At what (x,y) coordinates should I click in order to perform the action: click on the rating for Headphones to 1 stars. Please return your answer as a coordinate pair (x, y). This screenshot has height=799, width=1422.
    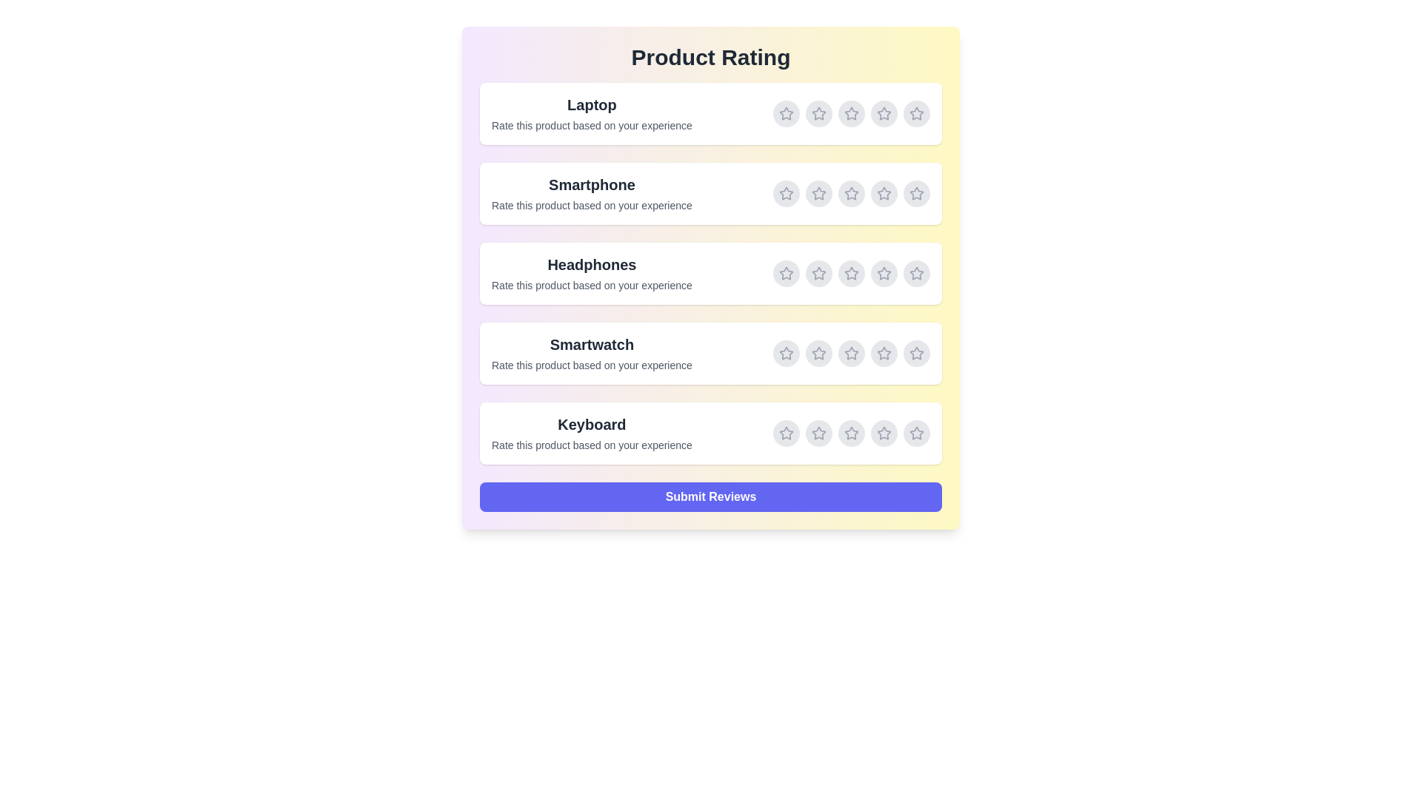
    Looking at the image, I should click on (785, 274).